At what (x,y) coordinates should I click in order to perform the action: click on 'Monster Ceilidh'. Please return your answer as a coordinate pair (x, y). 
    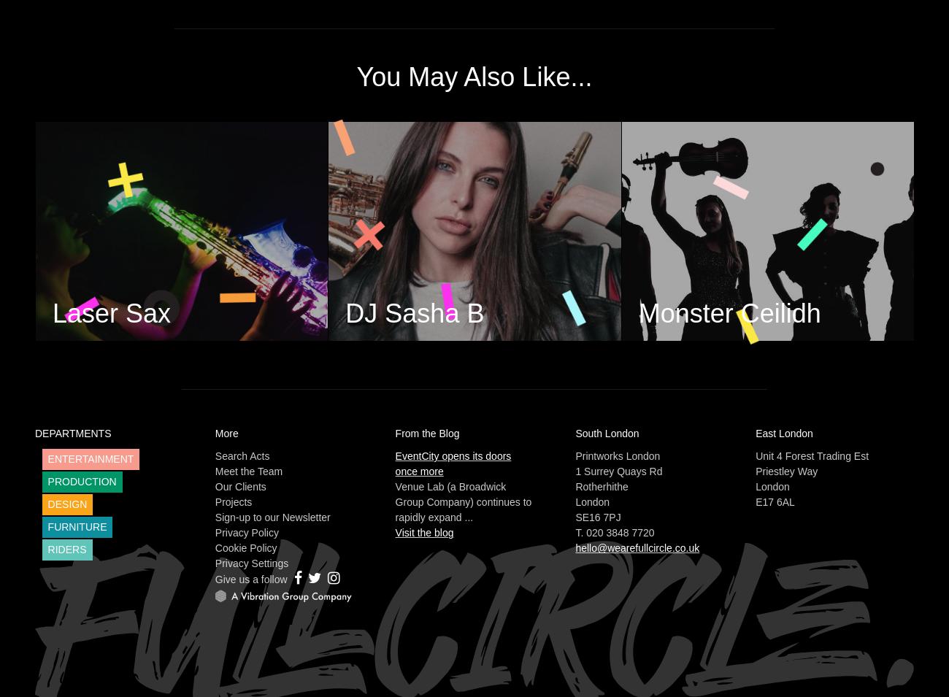
    Looking at the image, I should click on (729, 312).